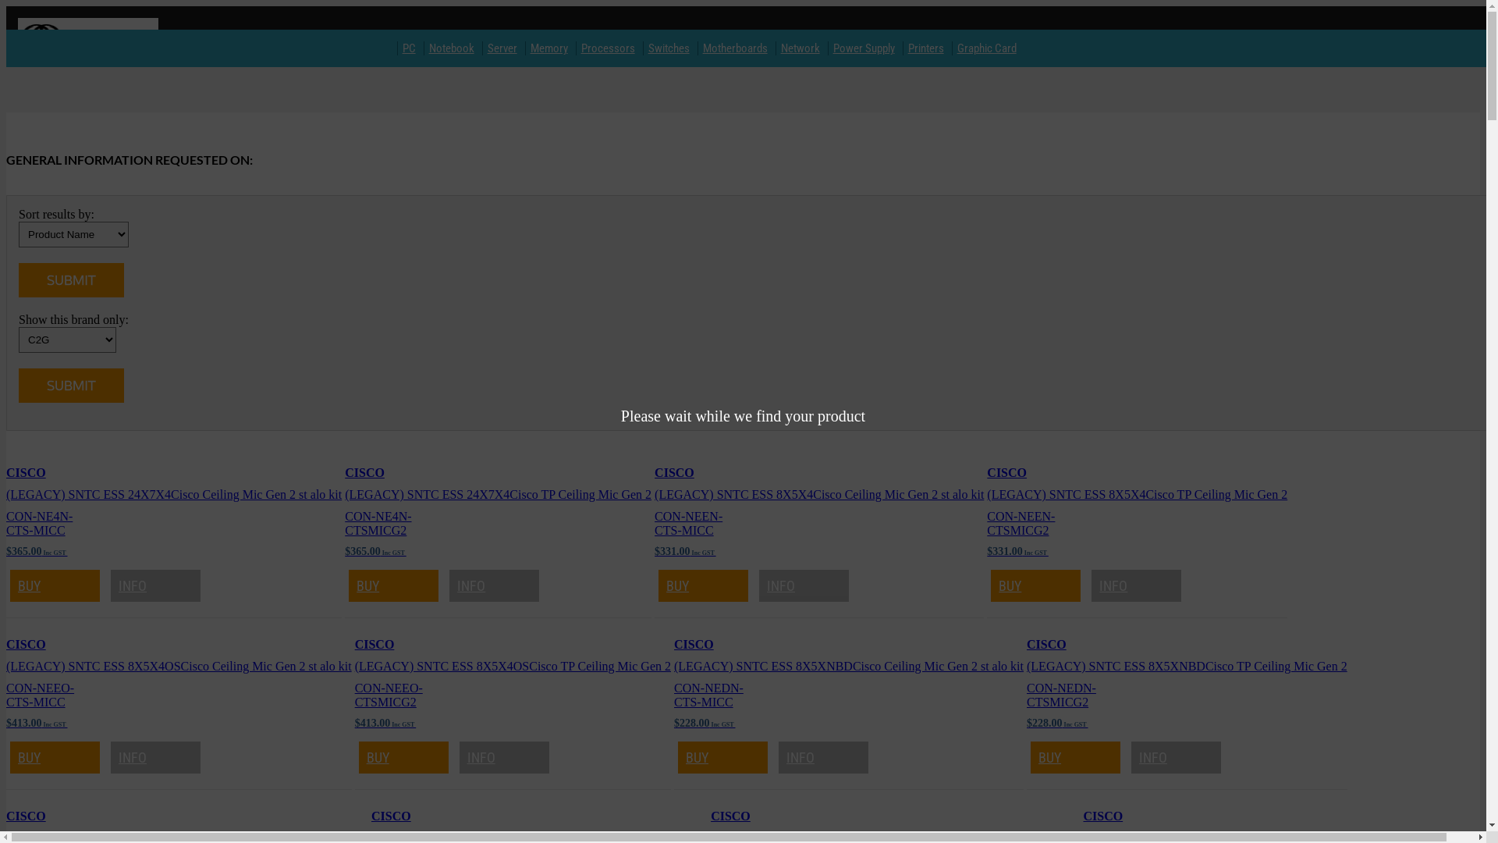 This screenshot has height=843, width=1498. What do you see at coordinates (685, 550) in the screenshot?
I see `'$331.00 Inc GST '` at bounding box center [685, 550].